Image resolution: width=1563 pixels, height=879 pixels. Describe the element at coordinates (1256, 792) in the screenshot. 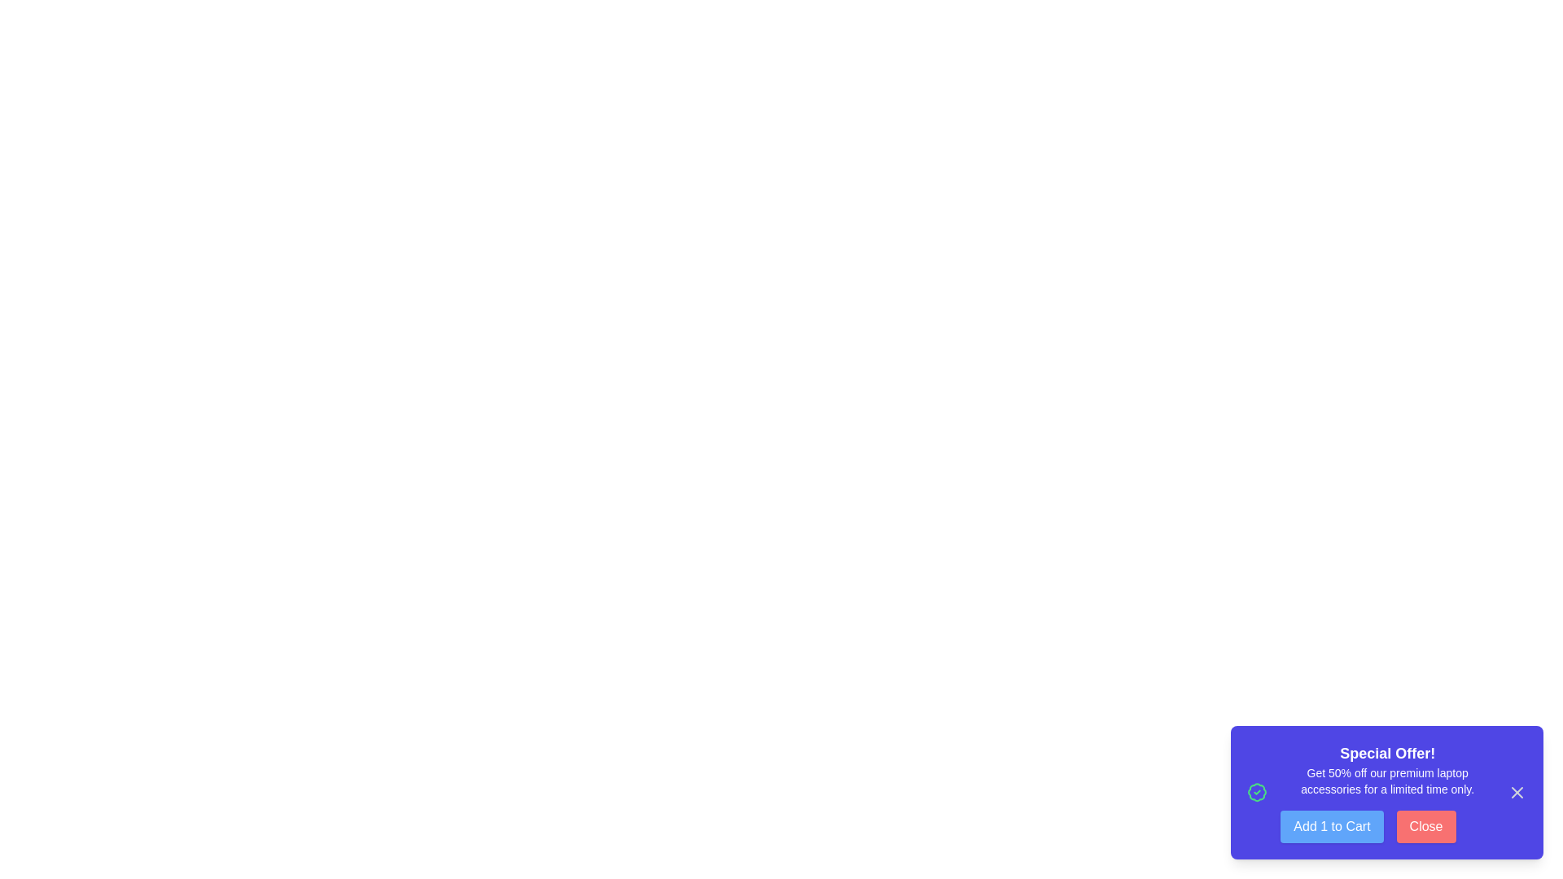

I see `the badge icon to inspect it` at that location.